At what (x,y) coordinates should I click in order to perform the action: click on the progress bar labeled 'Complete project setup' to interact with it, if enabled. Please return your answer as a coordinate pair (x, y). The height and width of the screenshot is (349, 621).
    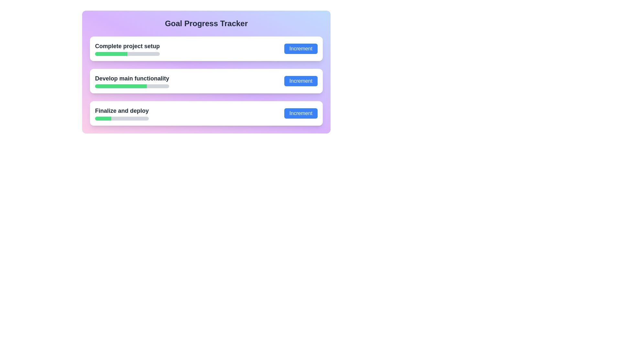
    Looking at the image, I should click on (127, 48).